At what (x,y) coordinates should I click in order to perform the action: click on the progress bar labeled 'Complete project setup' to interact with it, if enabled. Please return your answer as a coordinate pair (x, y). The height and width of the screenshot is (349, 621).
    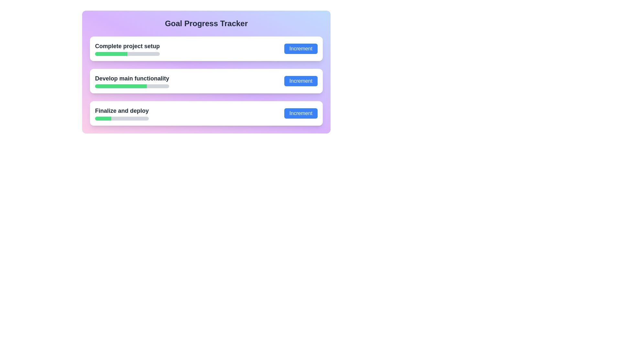
    Looking at the image, I should click on (127, 48).